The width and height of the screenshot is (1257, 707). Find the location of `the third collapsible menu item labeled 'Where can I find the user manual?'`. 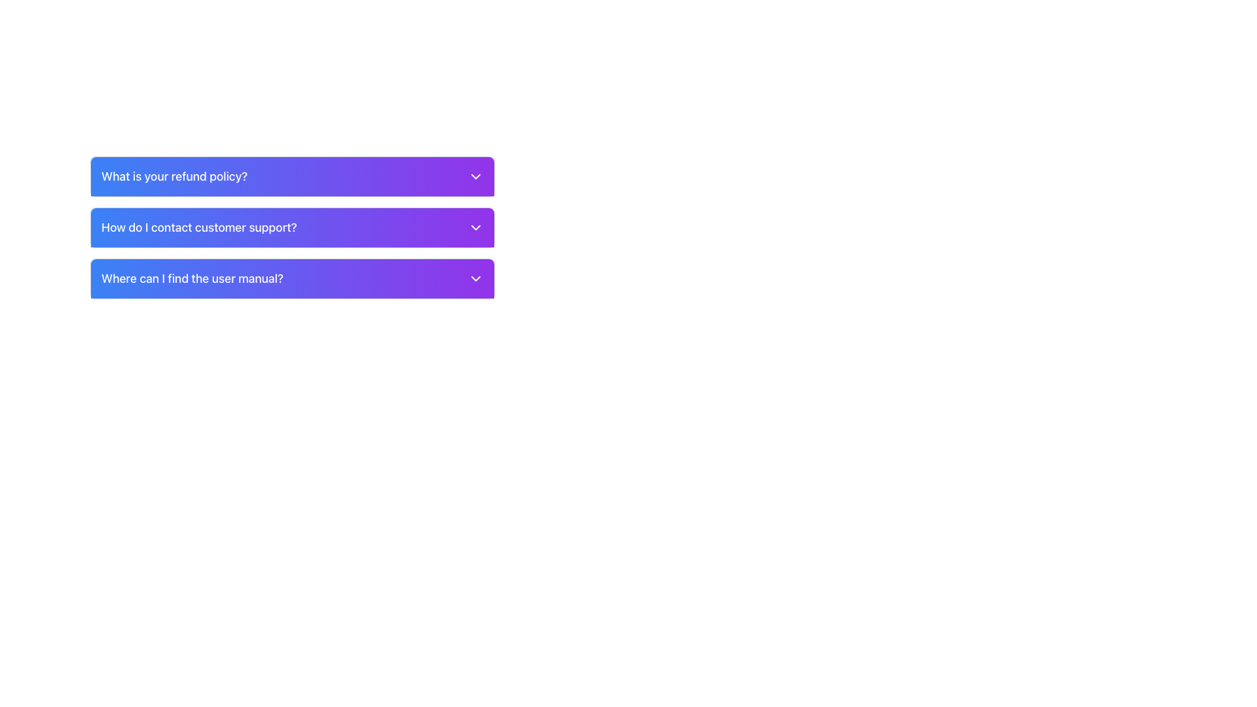

the third collapsible menu item labeled 'Where can I find the user manual?' is located at coordinates (291, 278).